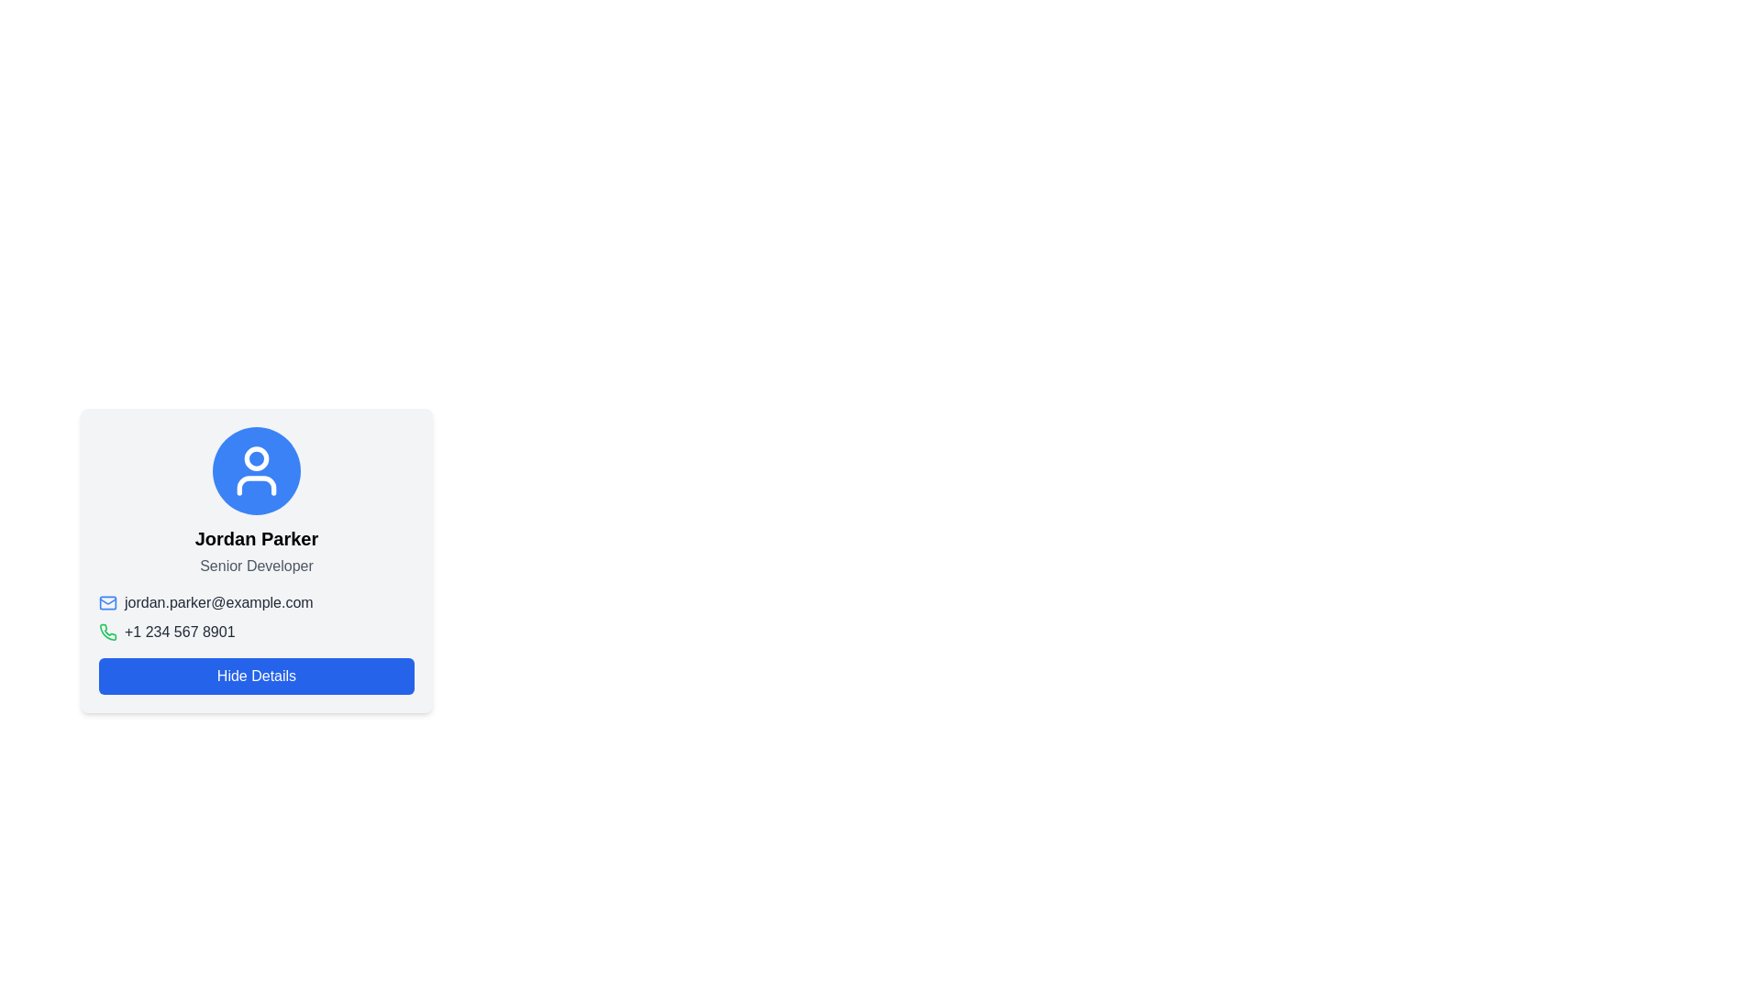 This screenshot has height=990, width=1761. What do you see at coordinates (255, 565) in the screenshot?
I see `the text label displaying the job title or role associated with the user Jordan Parker, located beneath the name in the user information card` at bounding box center [255, 565].